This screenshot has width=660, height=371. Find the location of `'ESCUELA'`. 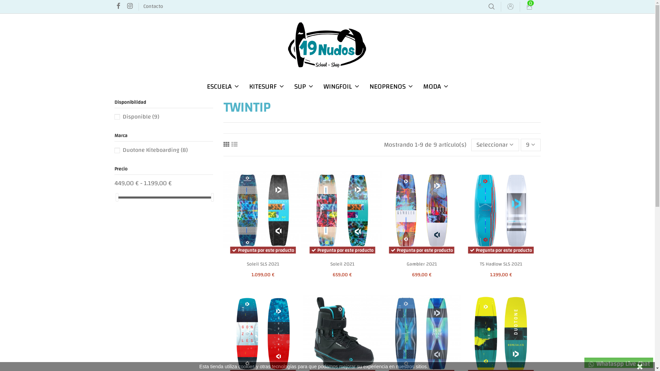

'ESCUELA' is located at coordinates (222, 86).